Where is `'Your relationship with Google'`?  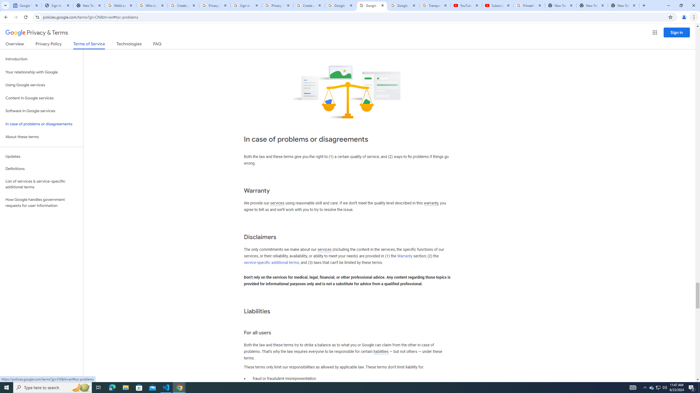 'Your relationship with Google' is located at coordinates (41, 72).